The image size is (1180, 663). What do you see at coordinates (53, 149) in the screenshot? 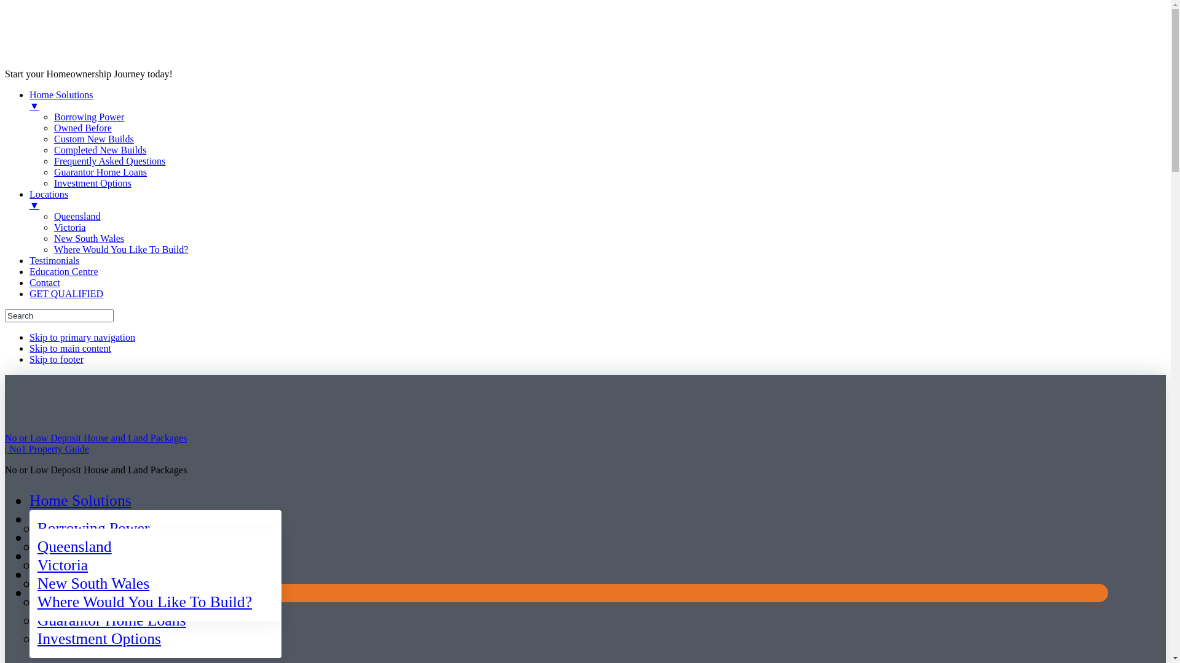
I see `'Completed New Builds'` at bounding box center [53, 149].